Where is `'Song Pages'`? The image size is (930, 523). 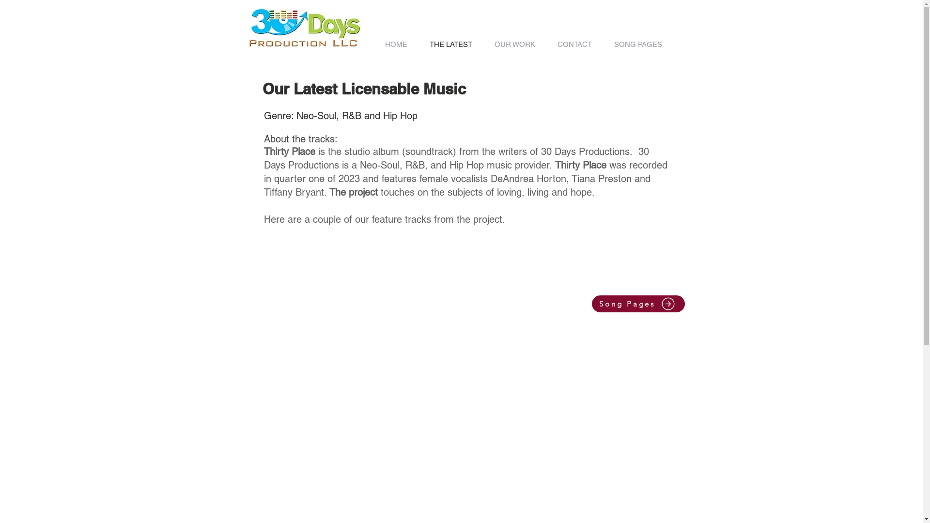
'Song Pages' is located at coordinates (591, 303).